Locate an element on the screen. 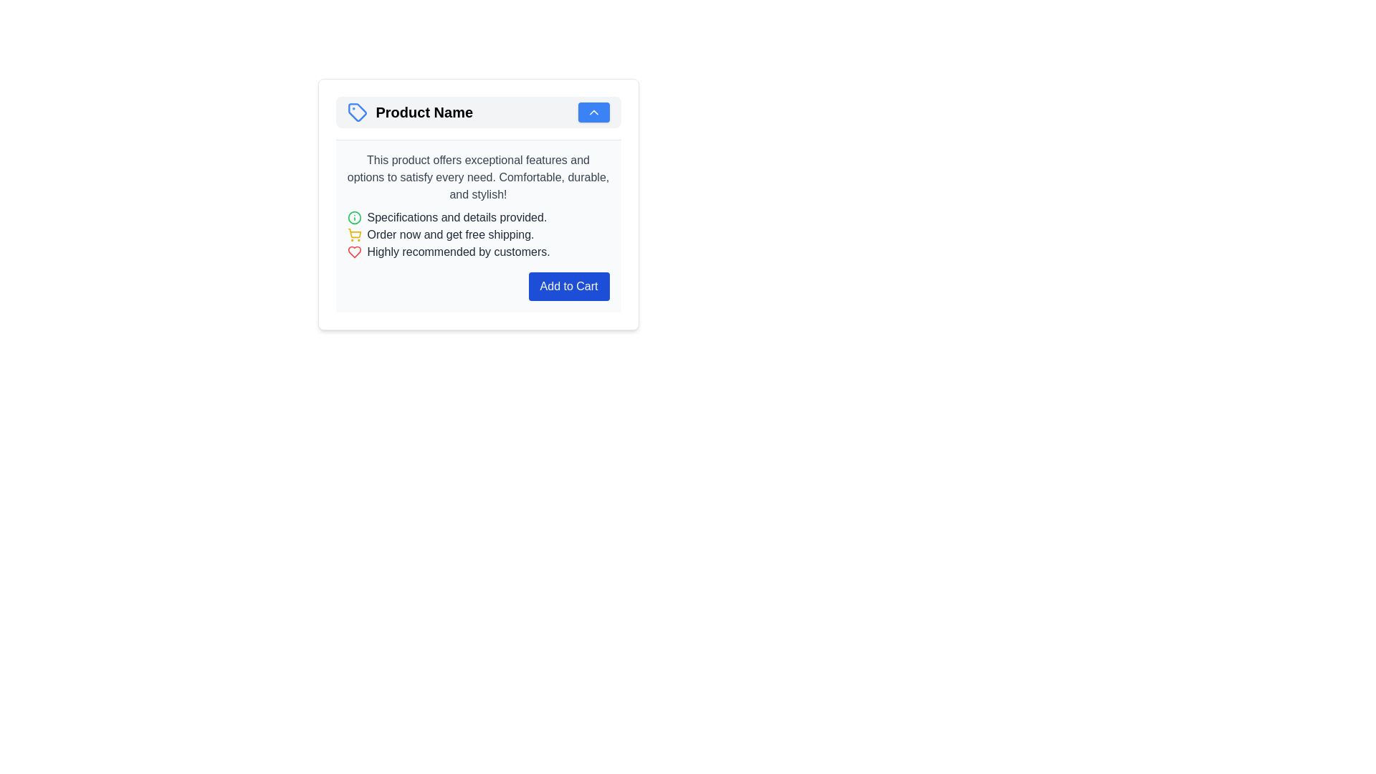 The height and width of the screenshot is (774, 1376). the red heart-shaped icon is located at coordinates (354, 251).